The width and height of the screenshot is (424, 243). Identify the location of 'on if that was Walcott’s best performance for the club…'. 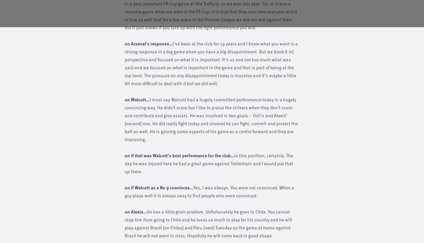
(179, 155).